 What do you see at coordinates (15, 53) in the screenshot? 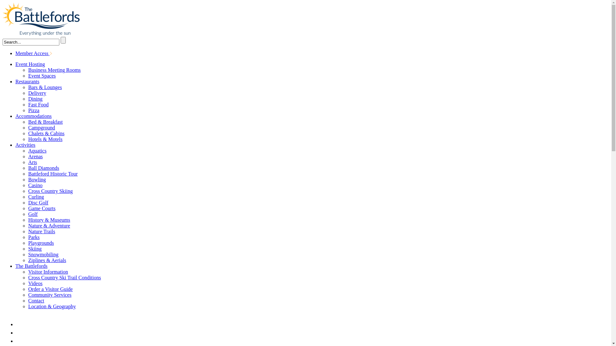
I see `'Member Access'` at bounding box center [15, 53].